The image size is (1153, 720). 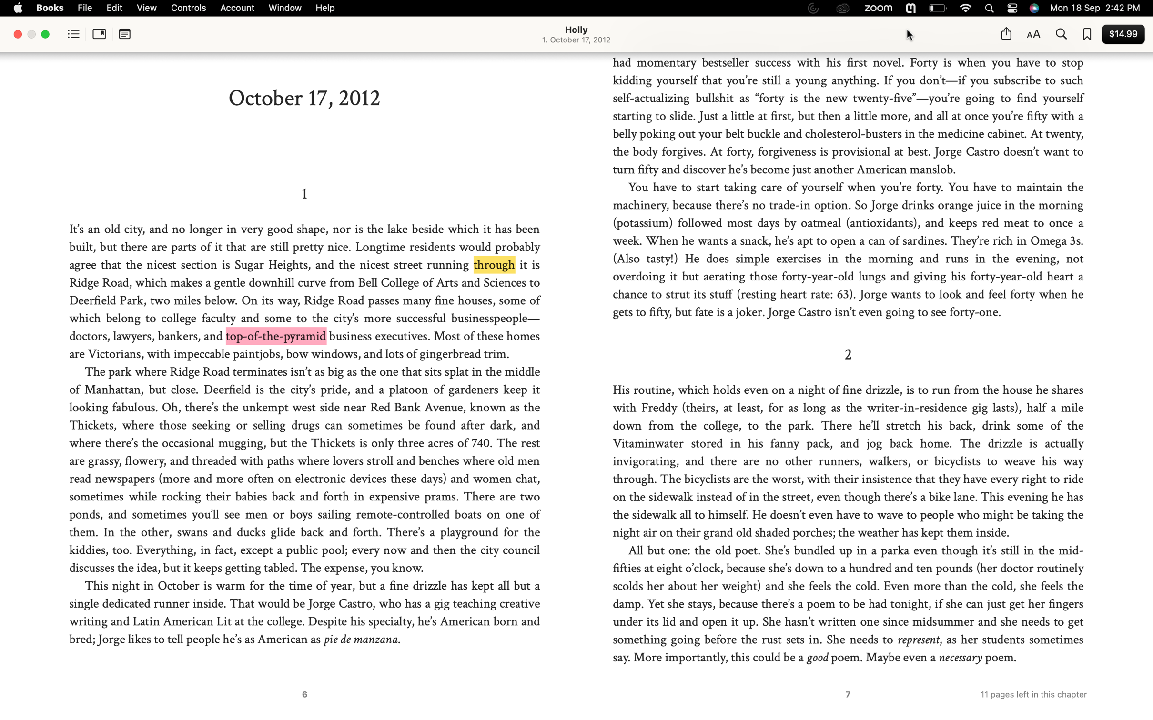 What do you see at coordinates (1005, 33) in the screenshot?
I see `Post the current webpage on your Twitter account` at bounding box center [1005, 33].